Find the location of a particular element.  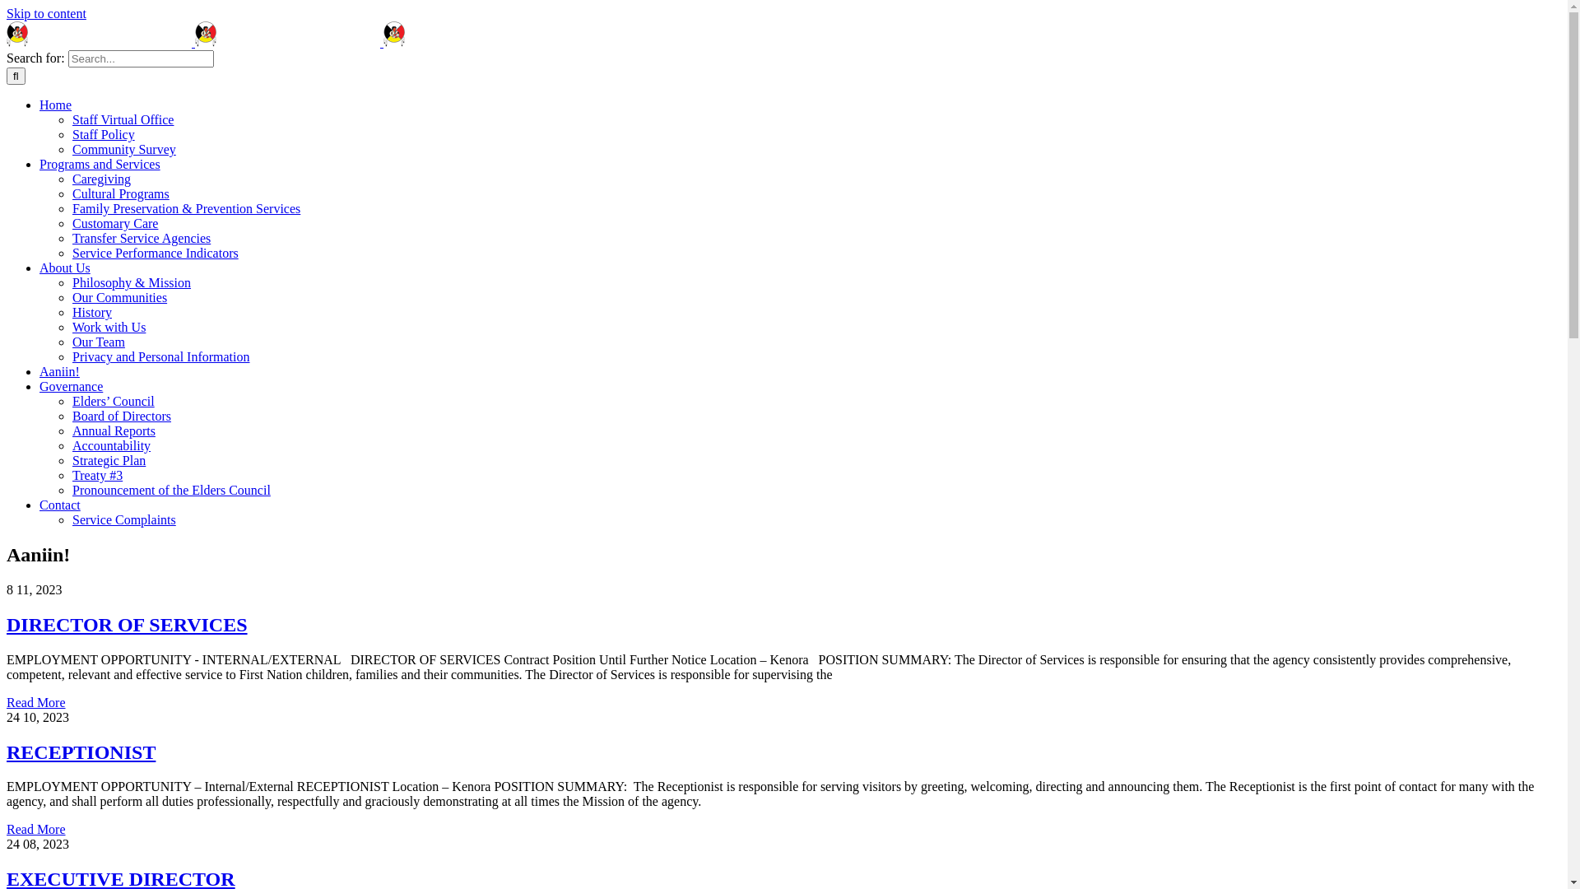

'Skip to content' is located at coordinates (46, 13).